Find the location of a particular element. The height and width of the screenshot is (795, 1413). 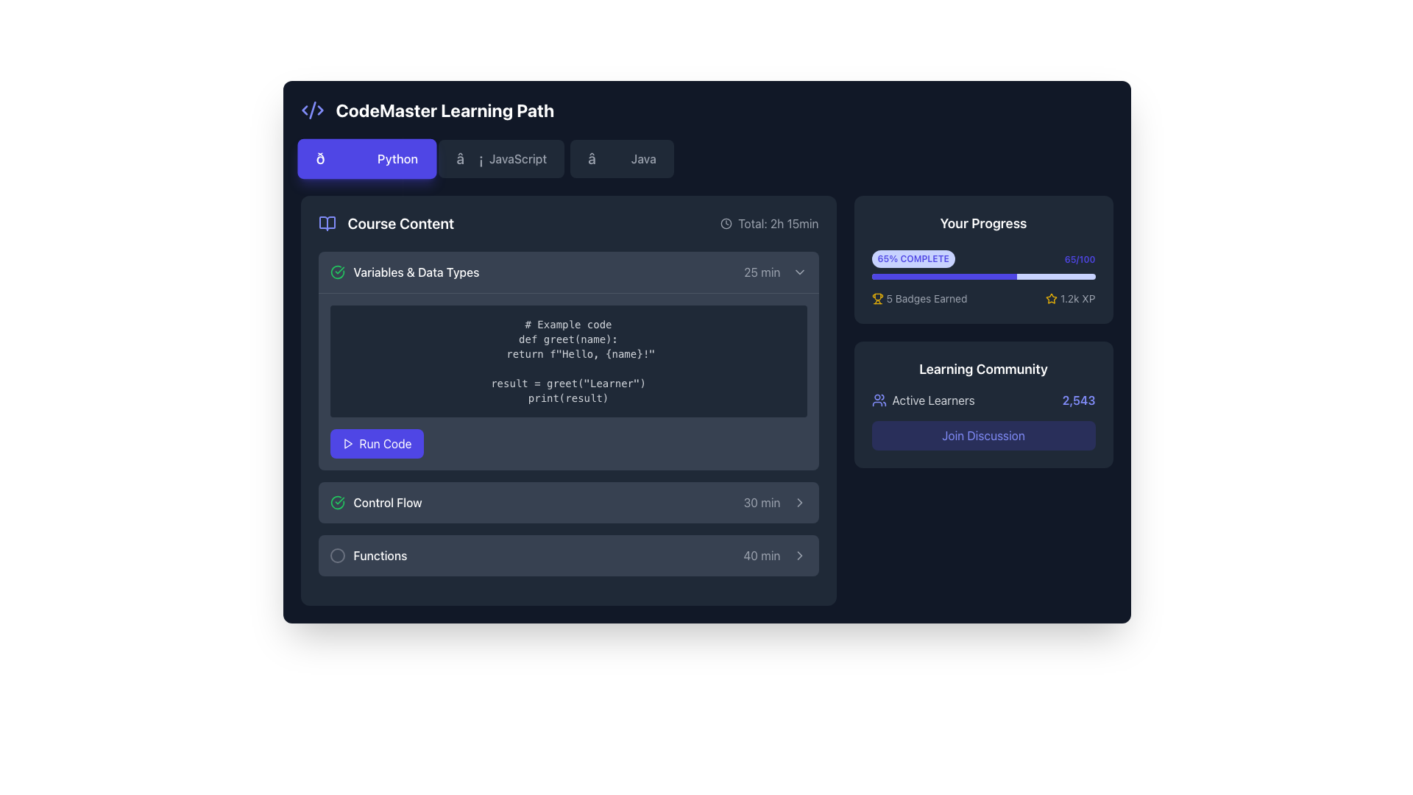

completion details from the progress bar labeled '65% COMPLETE' with a purple fill, located in the 'Your Progress' section is located at coordinates (983, 262).